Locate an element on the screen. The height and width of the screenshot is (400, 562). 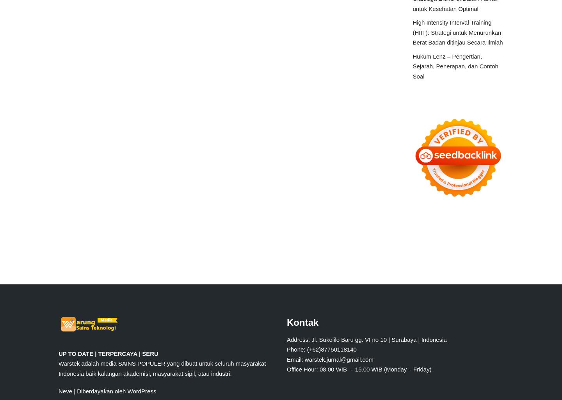
'WordPress' is located at coordinates (141, 391).